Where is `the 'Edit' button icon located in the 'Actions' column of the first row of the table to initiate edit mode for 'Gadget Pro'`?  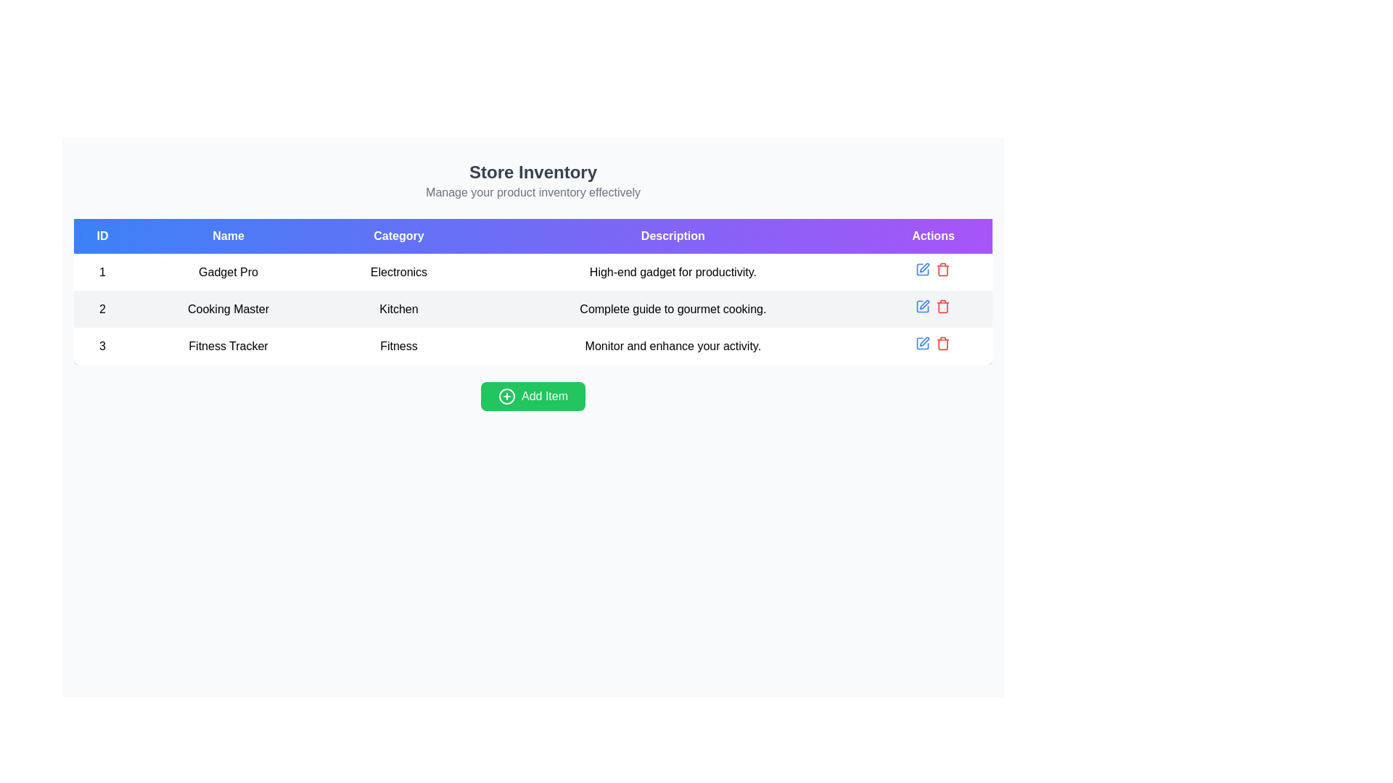 the 'Edit' button icon located in the 'Actions' column of the first row of the table to initiate edit mode for 'Gadget Pro' is located at coordinates (922, 269).